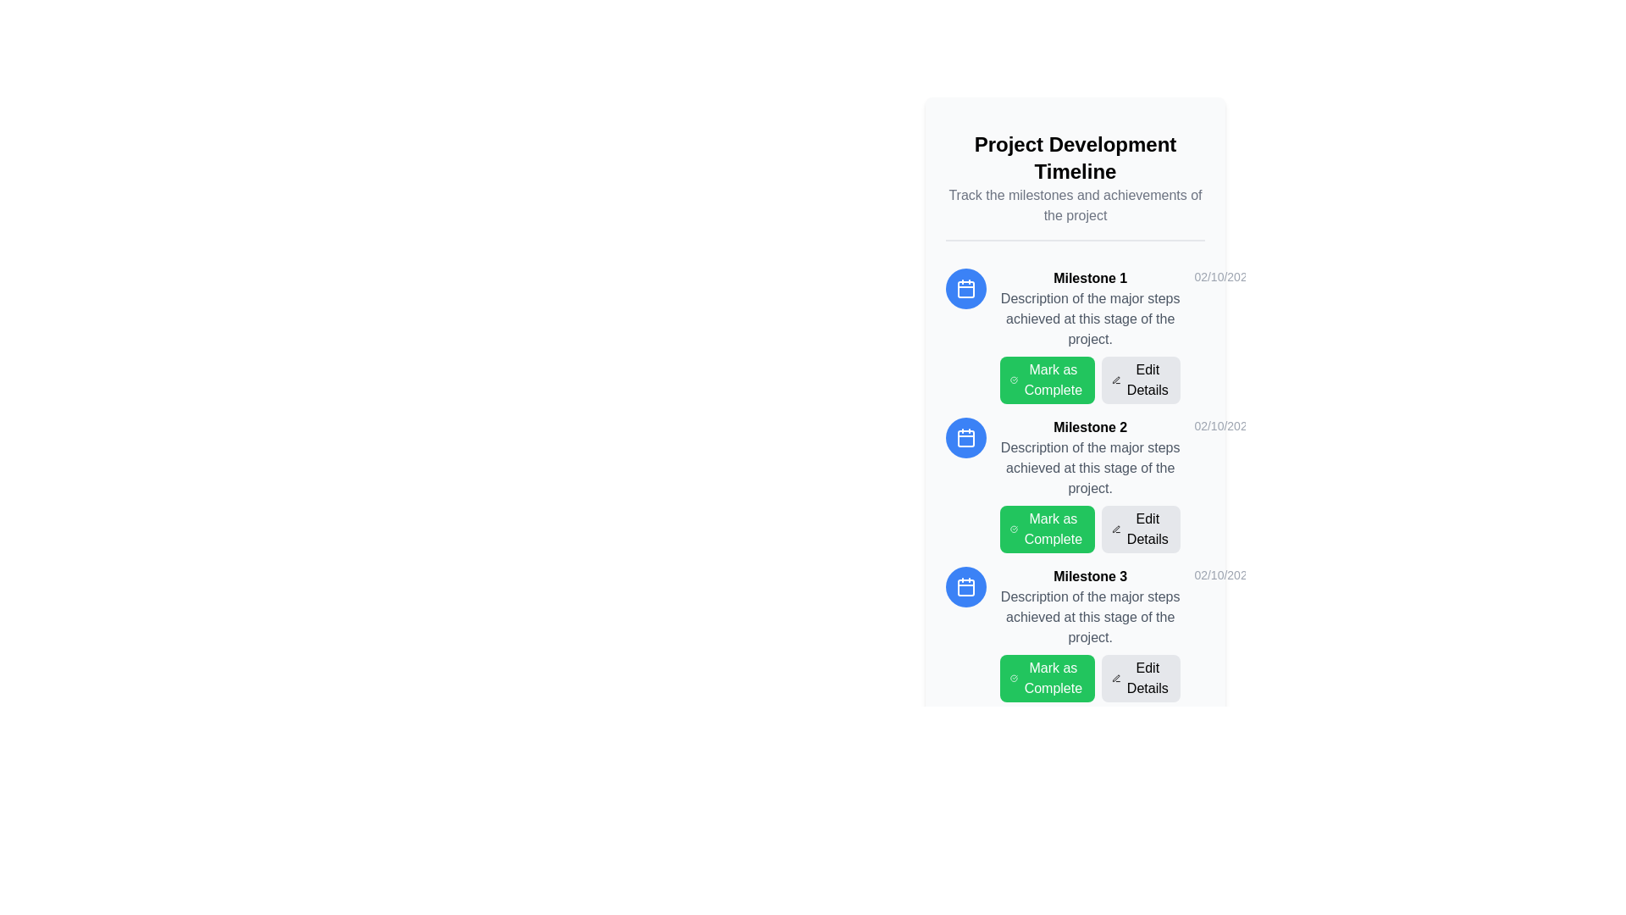 The height and width of the screenshot is (915, 1626). What do you see at coordinates (1142, 379) in the screenshot?
I see `the 'Edit Details' button, which has a light gray background, rounded corners, and a black pen icon, to invoke editing functionality` at bounding box center [1142, 379].